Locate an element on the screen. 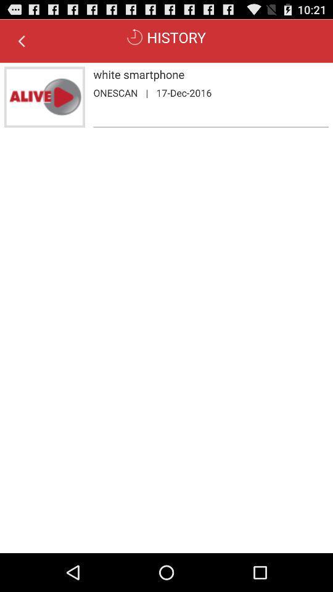 The width and height of the screenshot is (333, 592). icon next to the | is located at coordinates (115, 92).